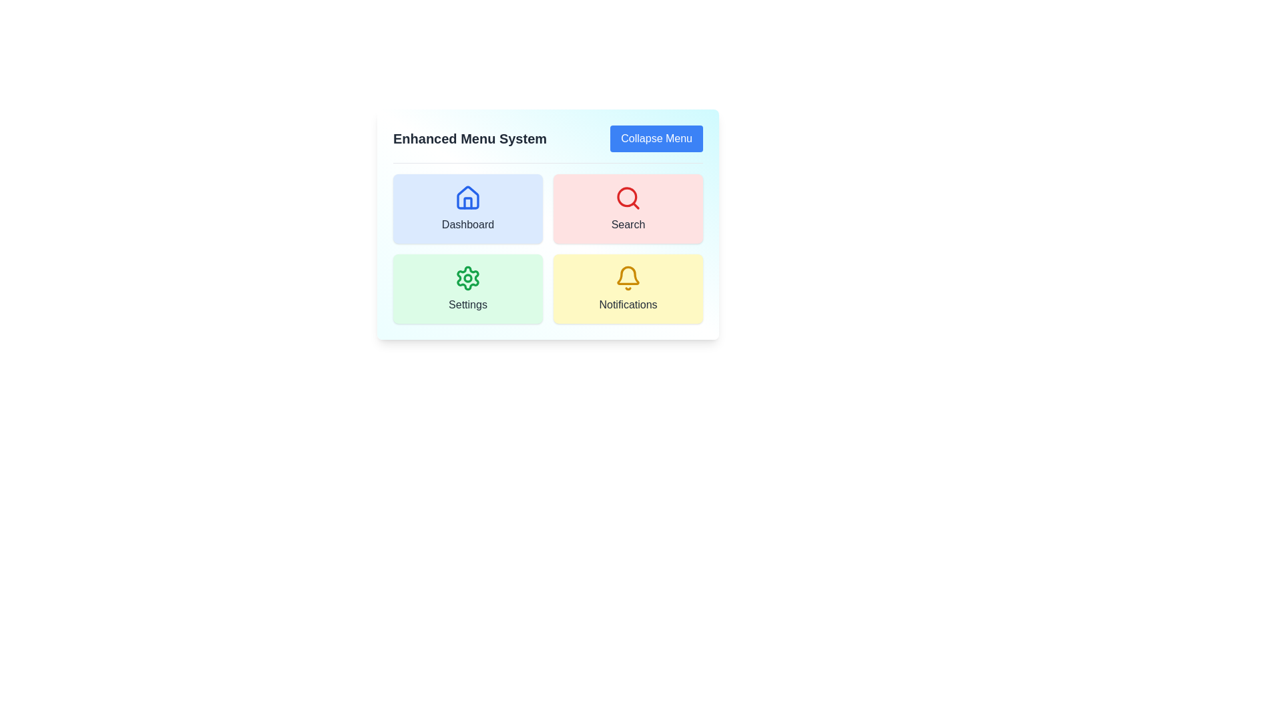  Describe the element at coordinates (467, 277) in the screenshot. I see `the small circular shape inside the 'Settings' gear icon located in the bottom-left quadrant of a 2x2 grid within a green background area` at that location.